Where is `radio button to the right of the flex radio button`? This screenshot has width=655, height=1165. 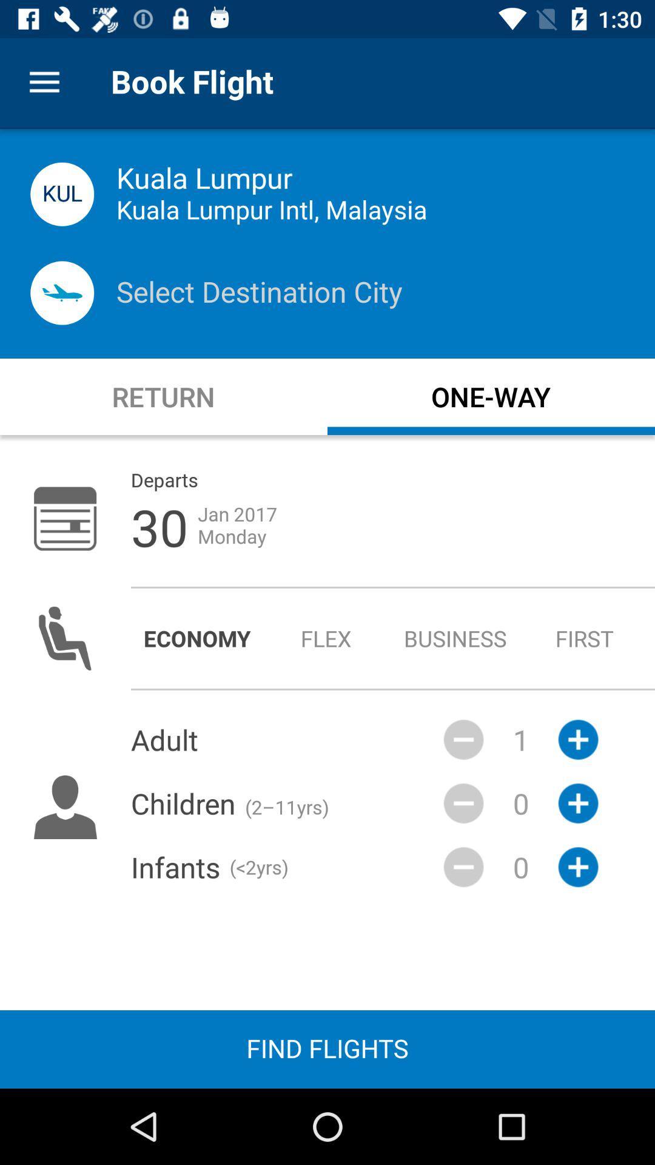
radio button to the right of the flex radio button is located at coordinates (455, 638).